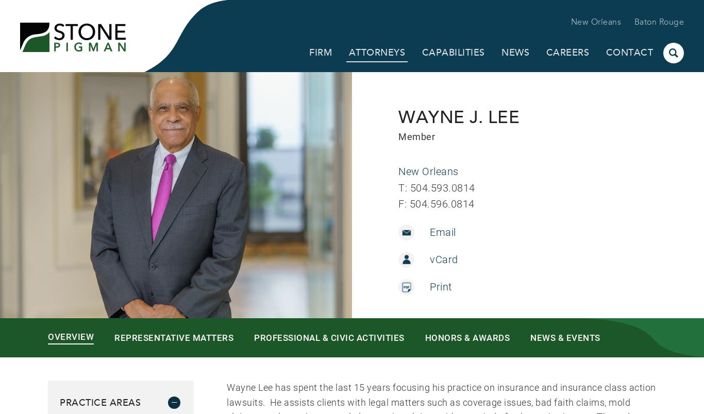  What do you see at coordinates (515, 53) in the screenshot?
I see `'News'` at bounding box center [515, 53].